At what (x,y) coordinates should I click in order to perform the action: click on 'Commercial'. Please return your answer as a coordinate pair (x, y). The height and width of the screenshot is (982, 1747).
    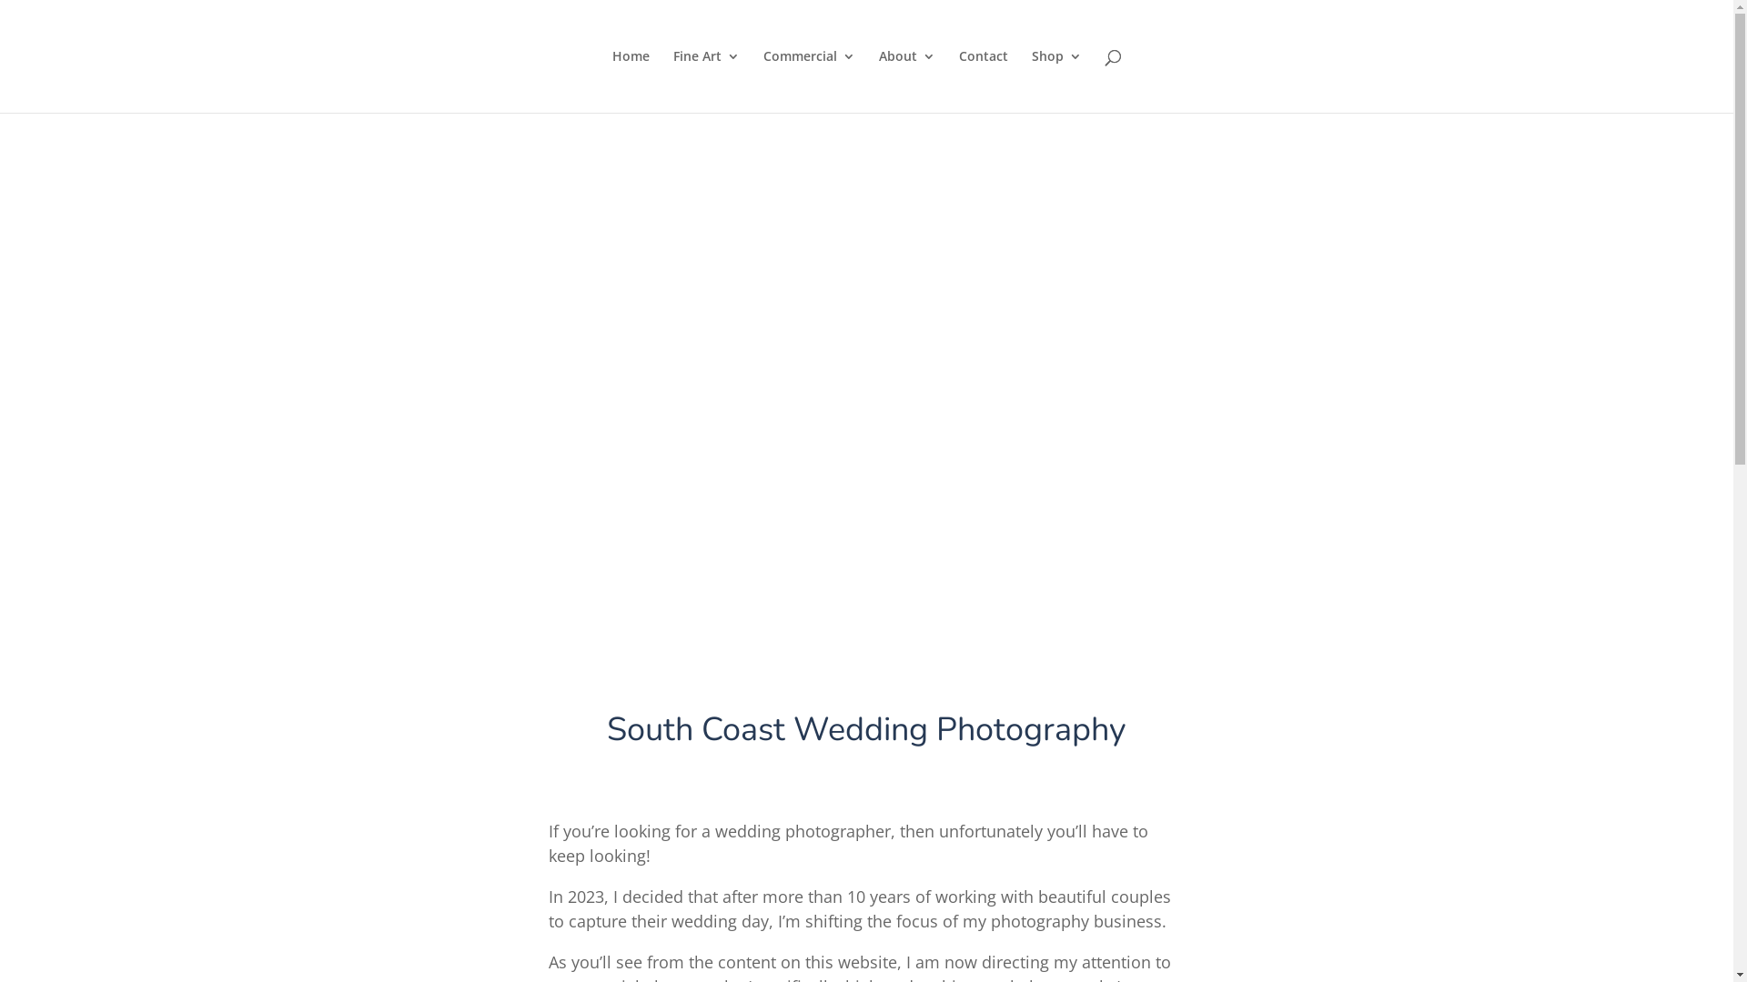
    Looking at the image, I should click on (807, 80).